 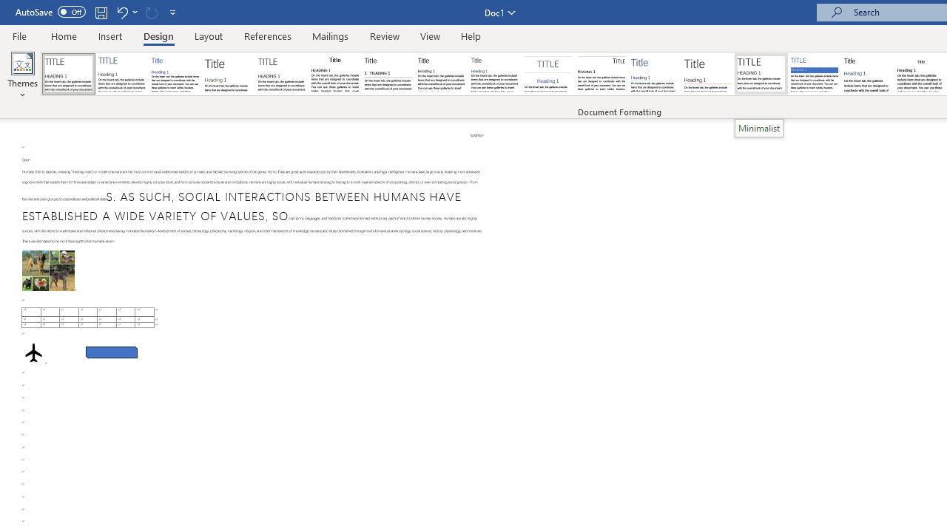 I want to click on 'Rectangle: Diagonal Corners Snipped 2', so click(x=111, y=349).